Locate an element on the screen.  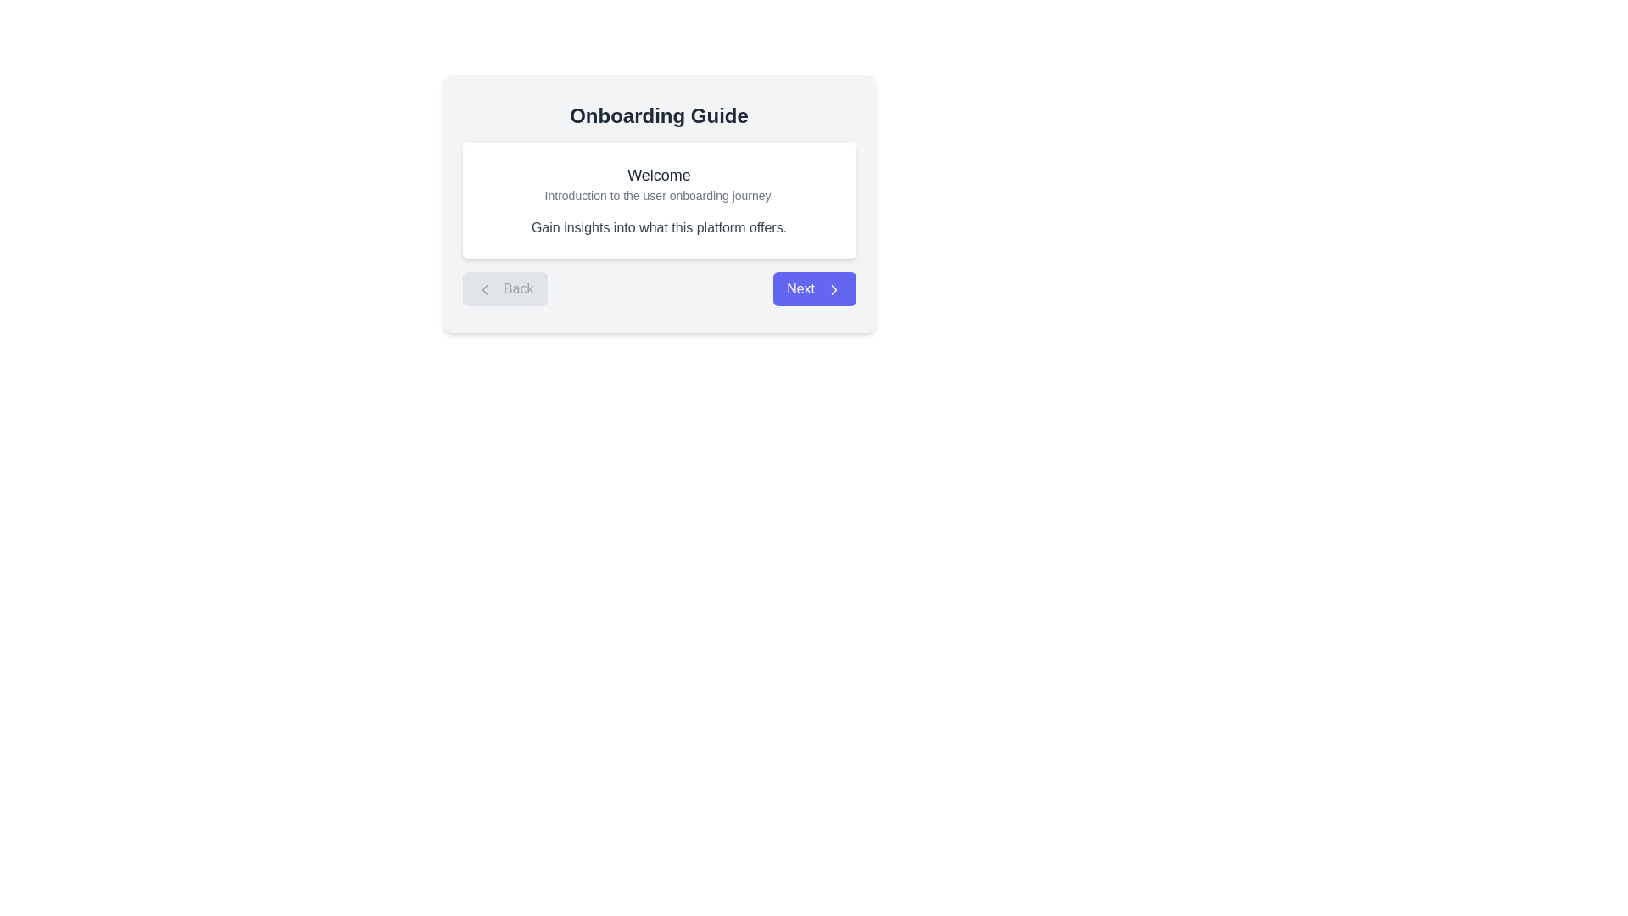
the static text element displaying 'Welcome', which is a bold and large heading in dark gray on a white background, located at the upper center of the white rectangular card is located at coordinates (658, 176).